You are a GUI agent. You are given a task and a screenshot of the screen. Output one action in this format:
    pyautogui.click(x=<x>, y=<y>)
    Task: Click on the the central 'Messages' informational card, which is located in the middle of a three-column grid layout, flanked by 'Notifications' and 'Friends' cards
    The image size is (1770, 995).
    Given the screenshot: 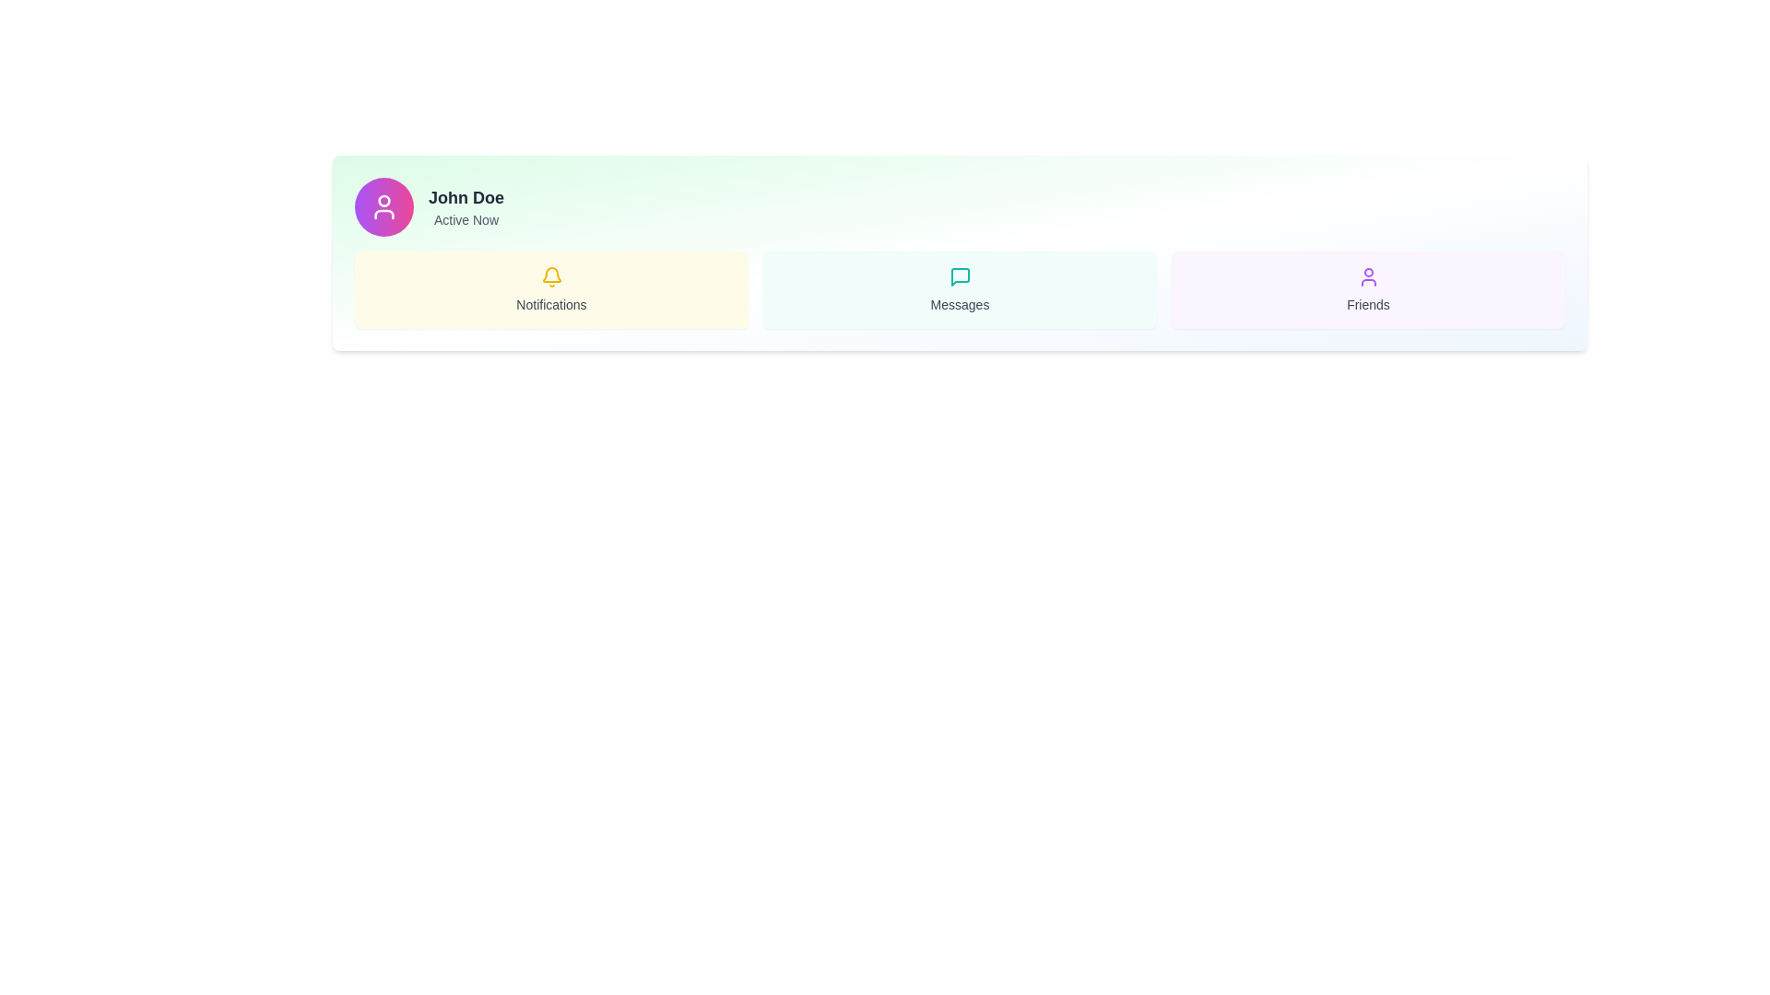 What is the action you would take?
    pyautogui.click(x=959, y=290)
    